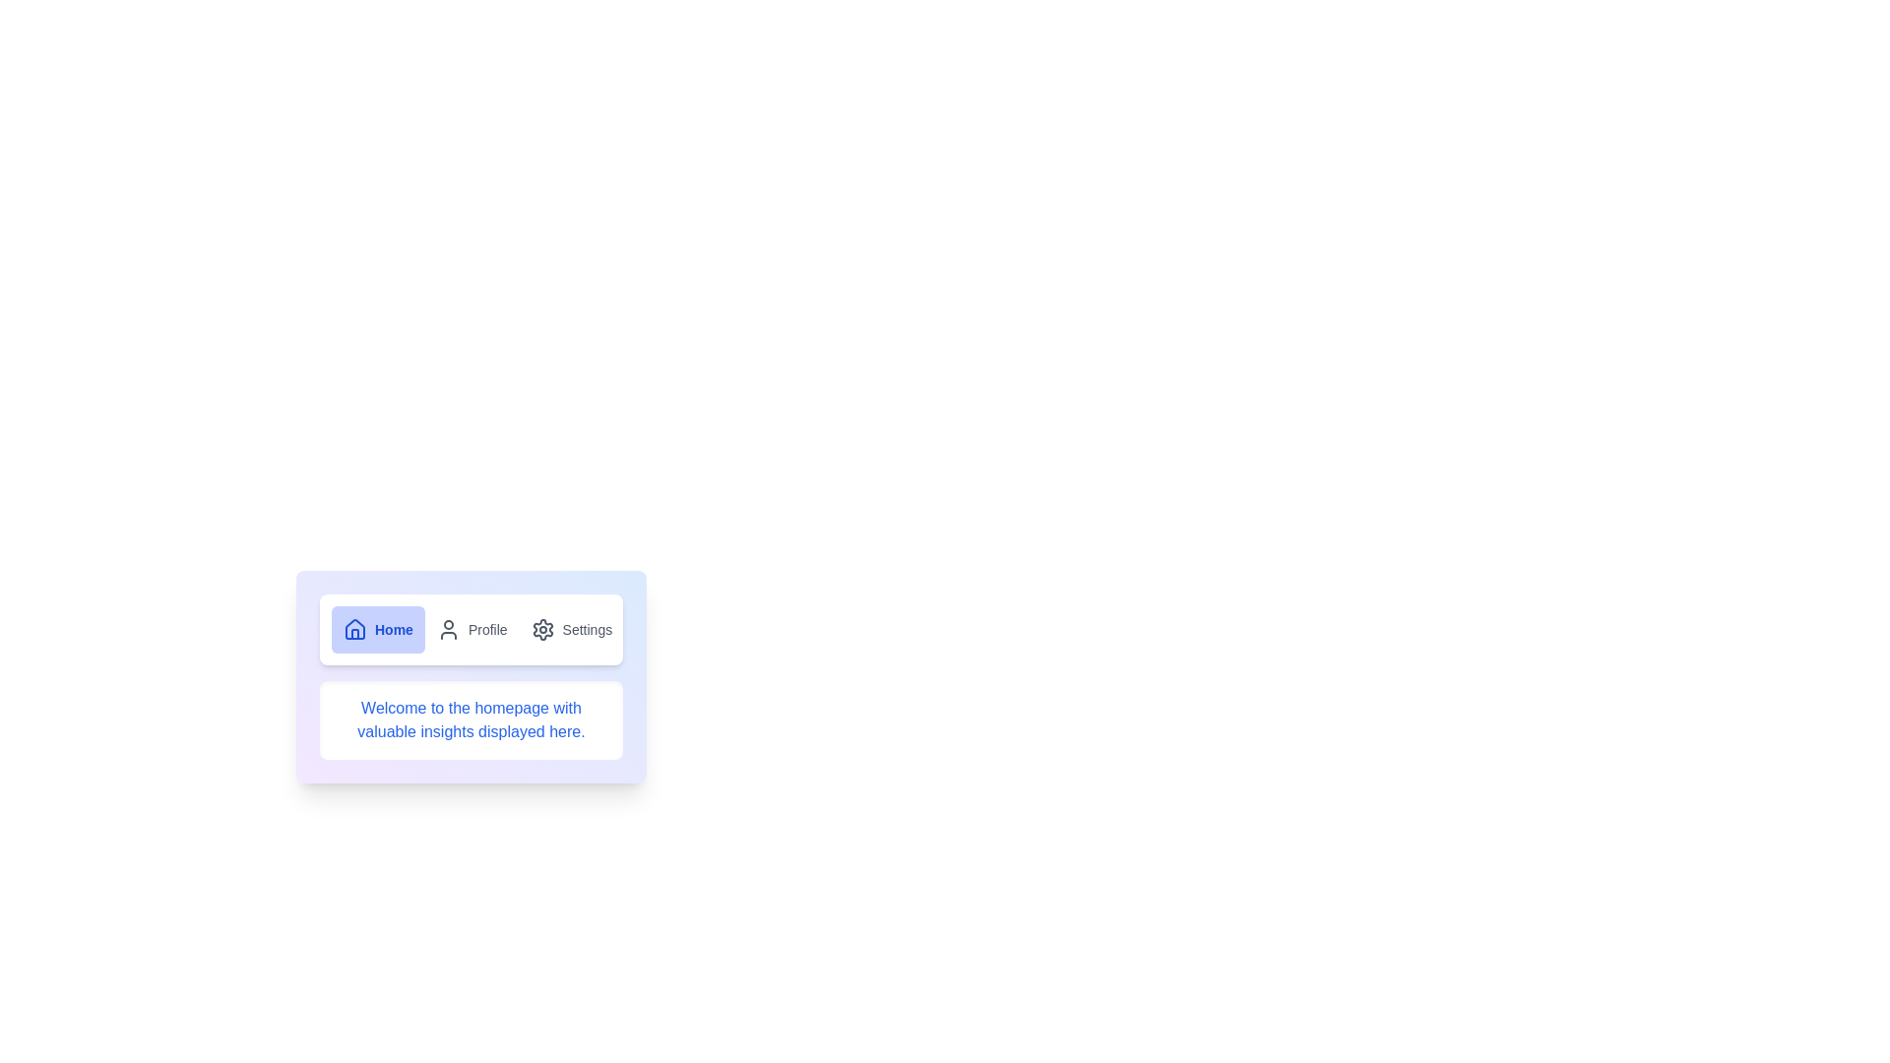 The width and height of the screenshot is (1890, 1063). I want to click on the Settings tab by clicking its button, so click(570, 630).